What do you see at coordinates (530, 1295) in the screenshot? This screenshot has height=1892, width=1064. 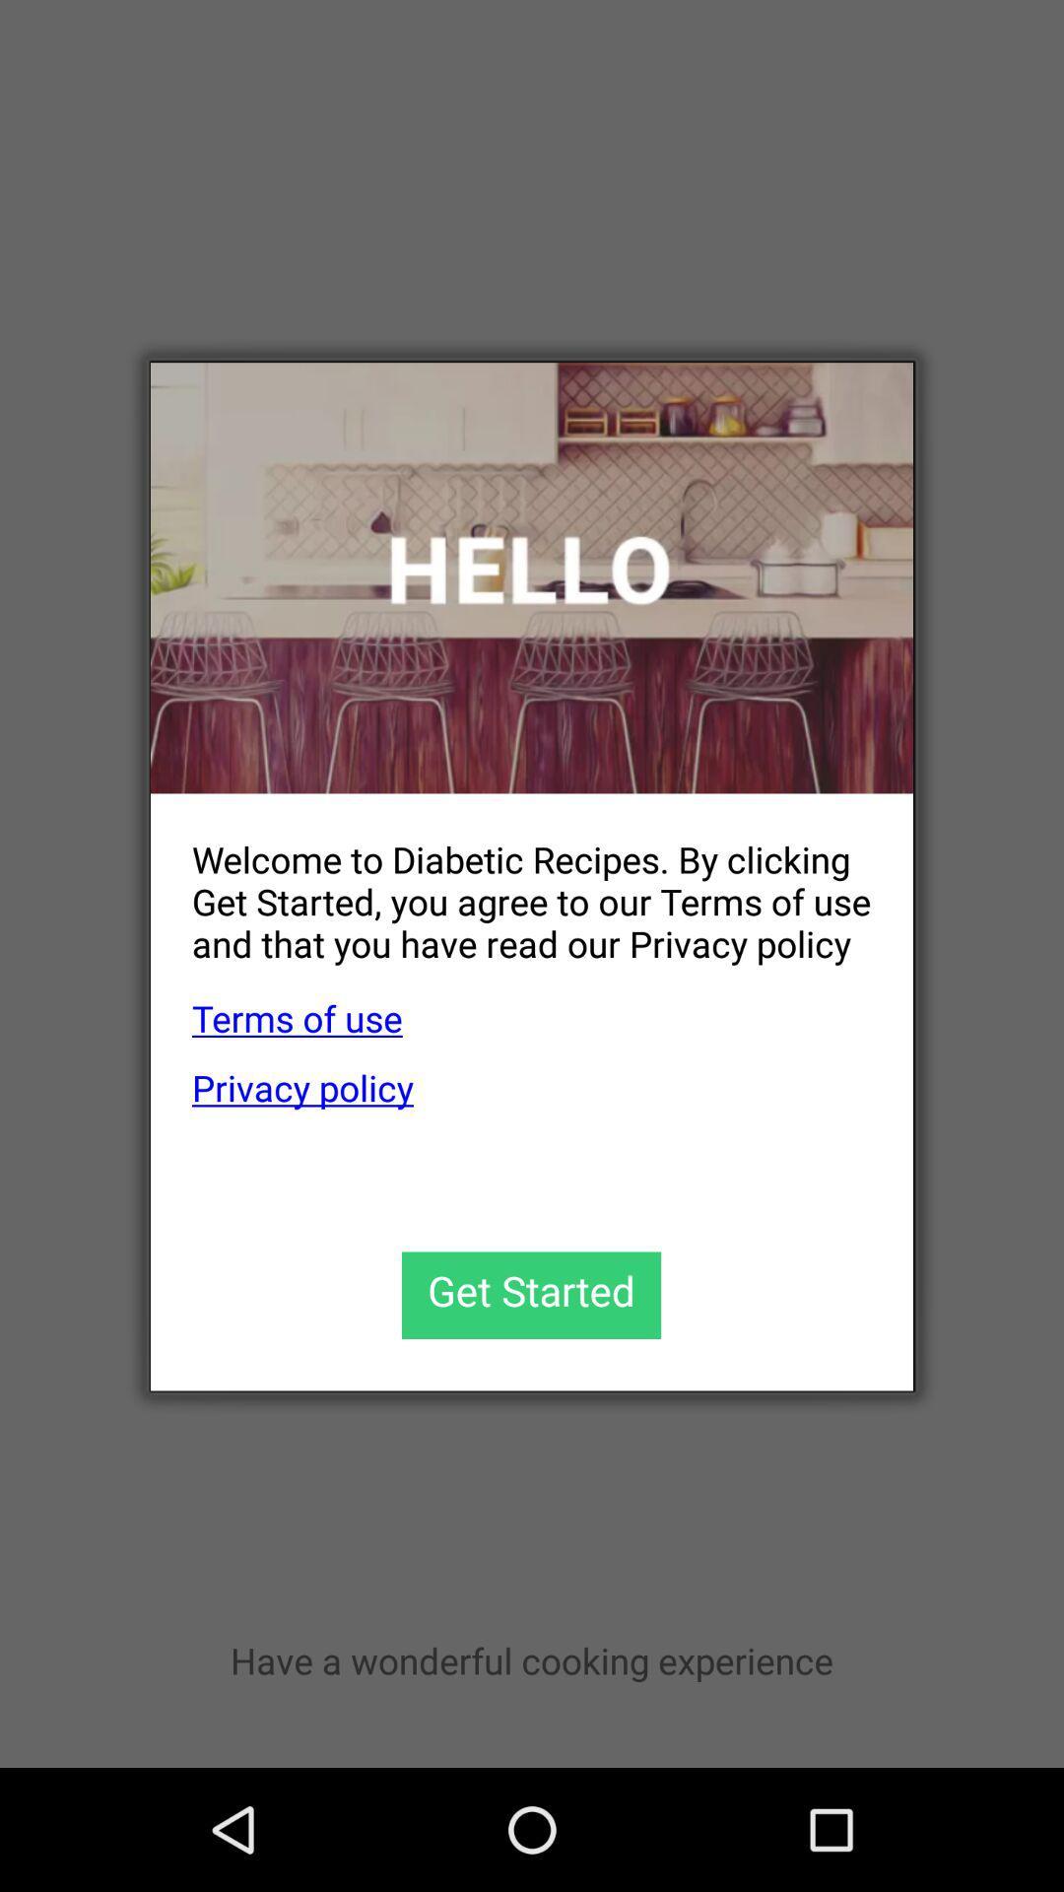 I see `the icon below privacy policy app` at bounding box center [530, 1295].